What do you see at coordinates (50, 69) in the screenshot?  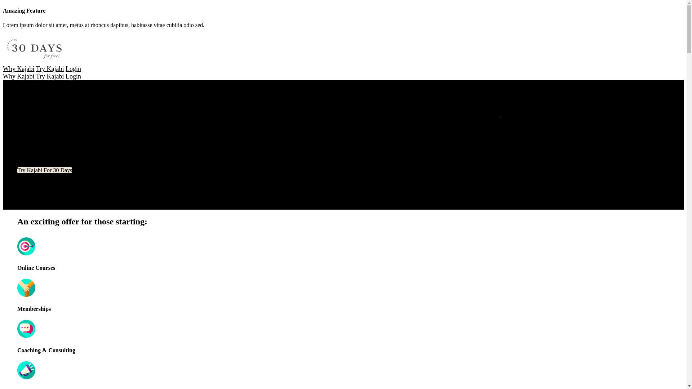 I see `'Try Kajabi'` at bounding box center [50, 69].